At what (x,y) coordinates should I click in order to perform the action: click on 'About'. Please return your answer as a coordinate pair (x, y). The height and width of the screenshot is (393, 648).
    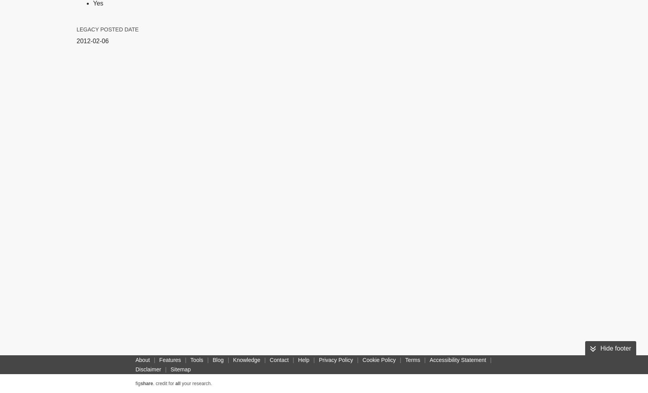
    Looking at the image, I should click on (143, 360).